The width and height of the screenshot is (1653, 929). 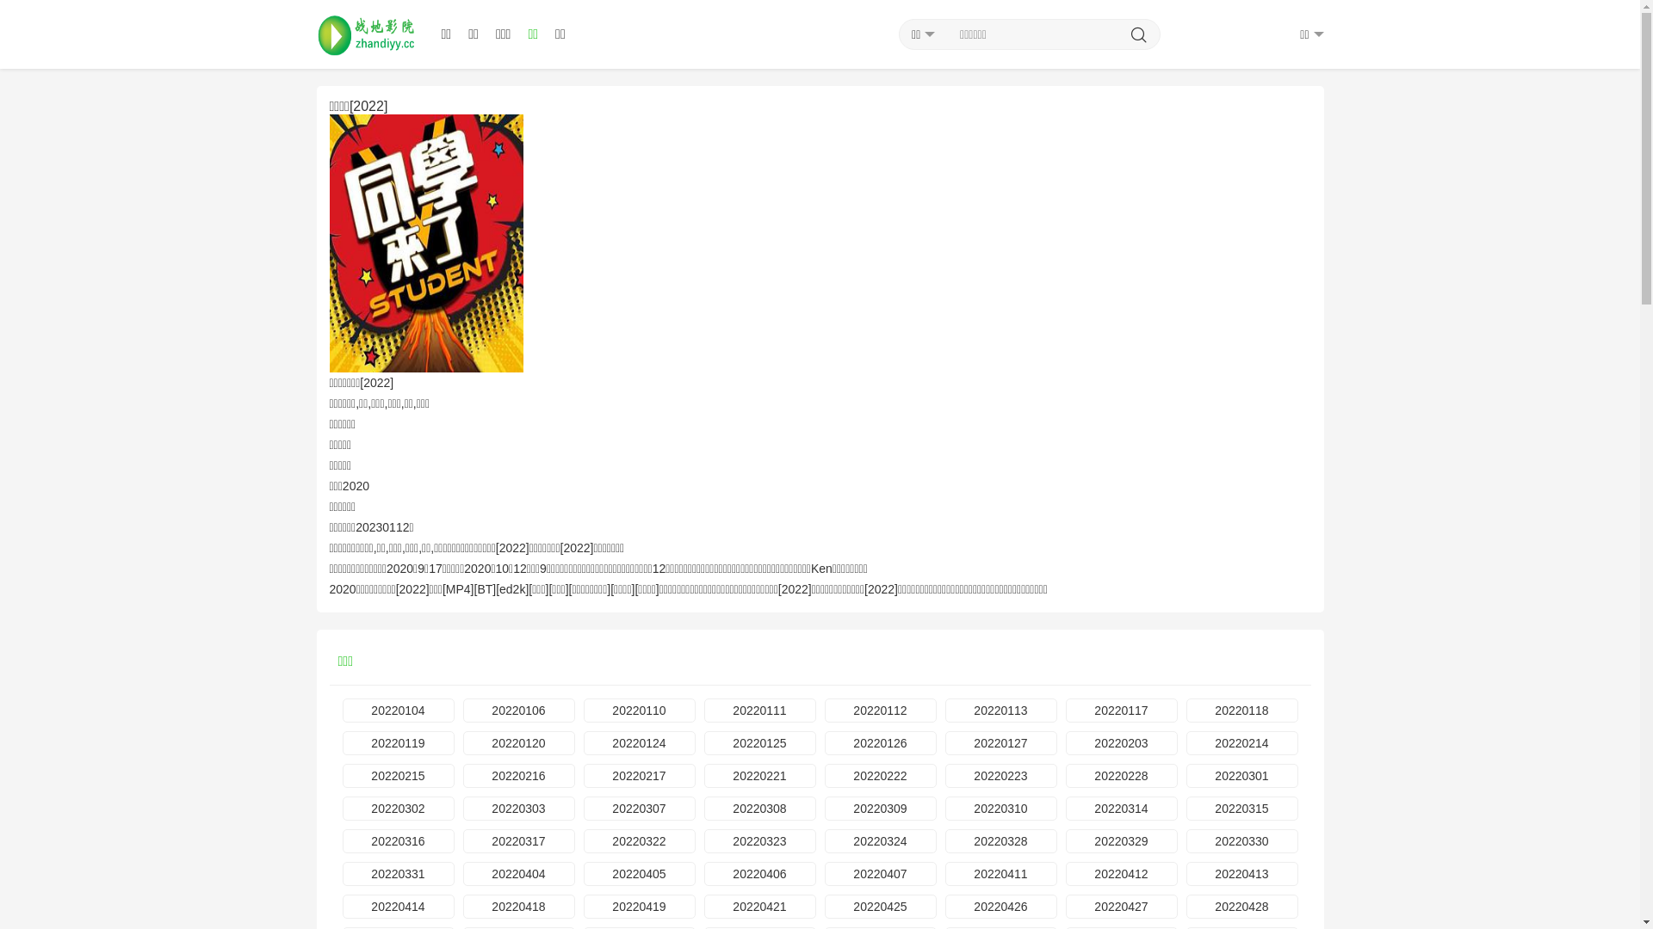 I want to click on '20220419', so click(x=639, y=905).